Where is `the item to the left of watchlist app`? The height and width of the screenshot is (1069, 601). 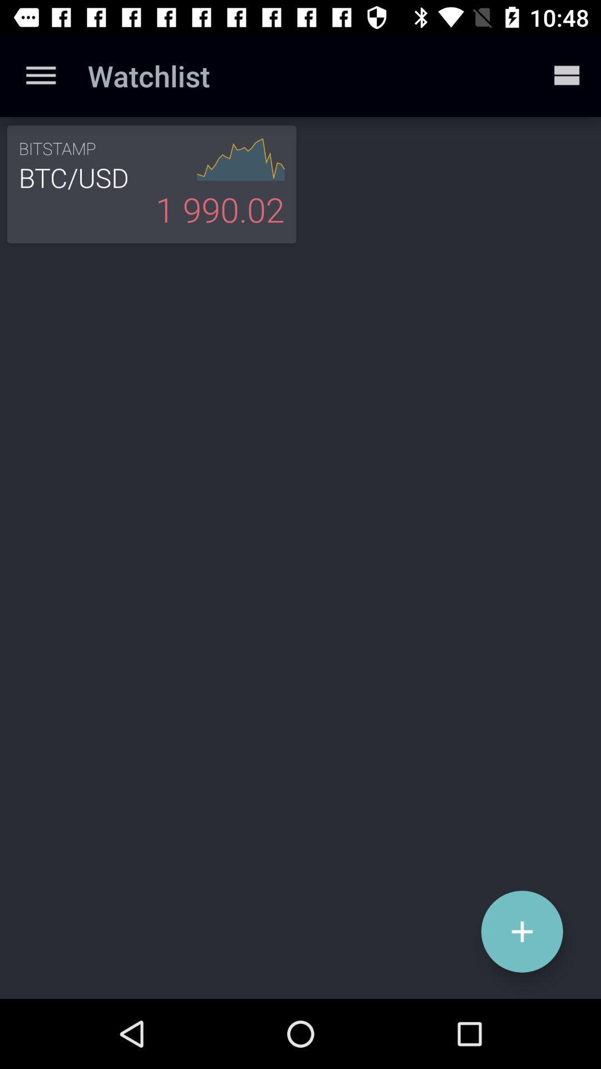 the item to the left of watchlist app is located at coordinates (40, 75).